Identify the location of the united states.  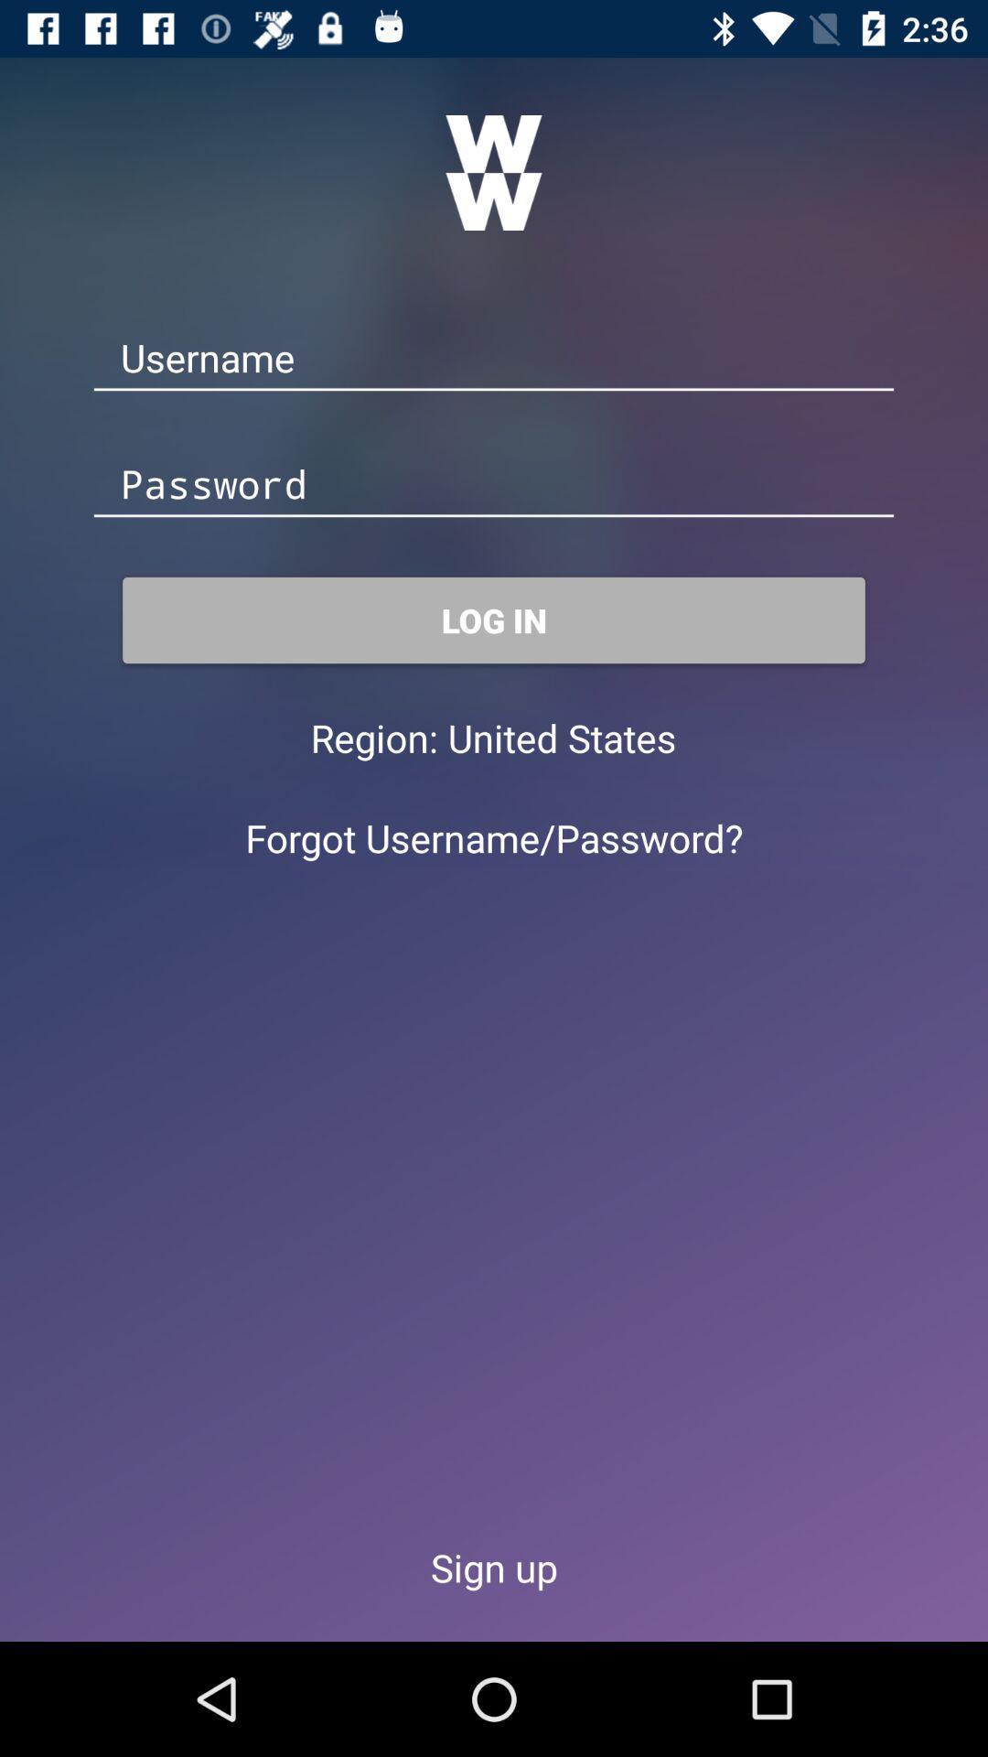
(561, 738).